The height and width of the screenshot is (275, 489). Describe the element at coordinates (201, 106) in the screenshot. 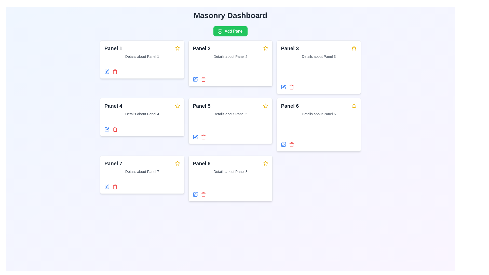

I see `the label indicating the content or purpose of 'Panel 5', located` at that location.